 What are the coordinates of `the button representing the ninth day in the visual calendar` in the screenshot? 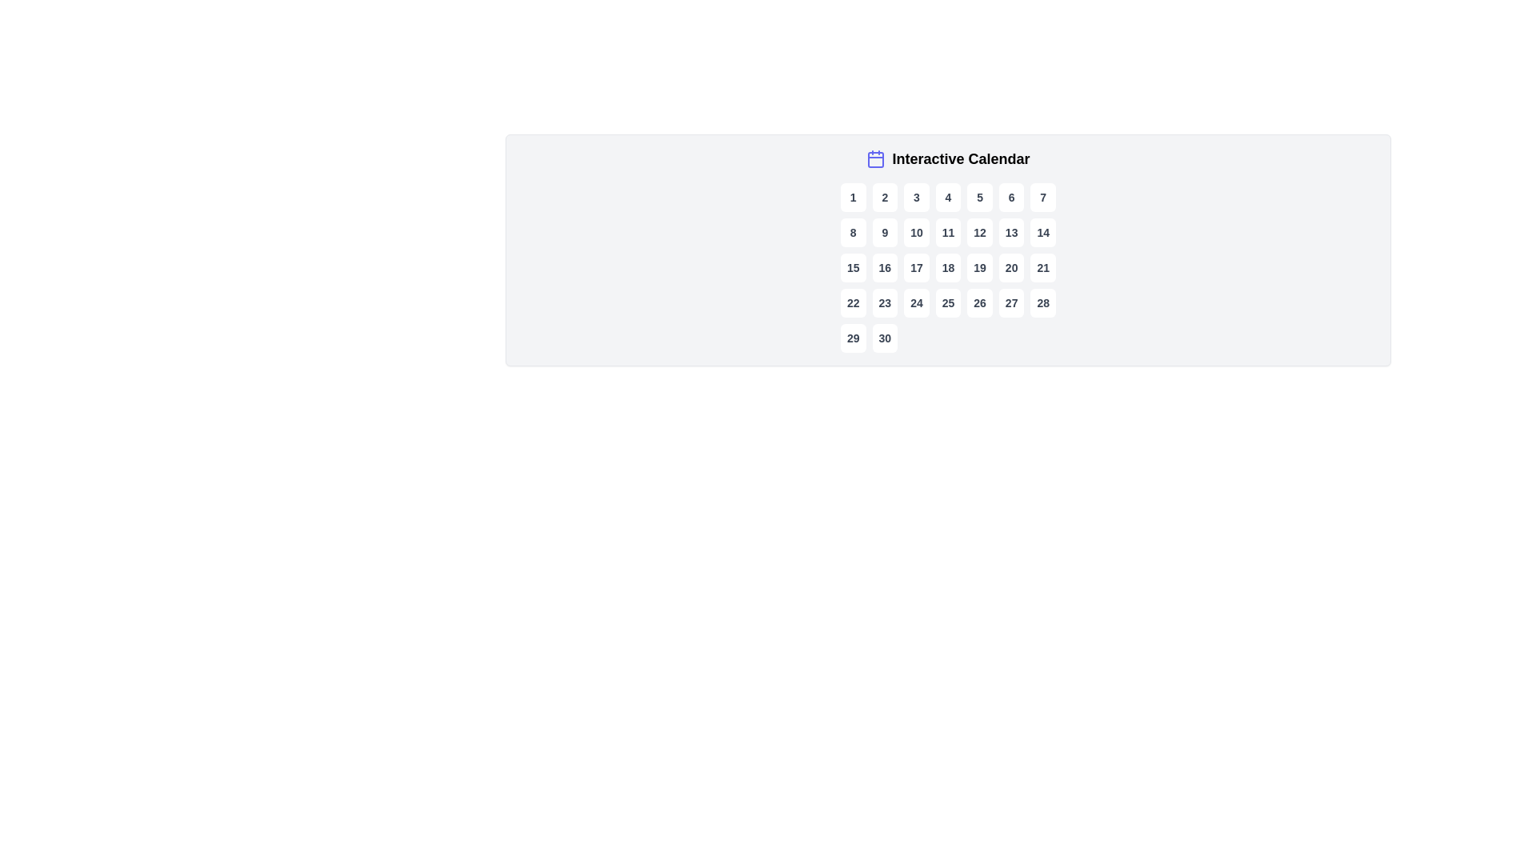 It's located at (884, 232).